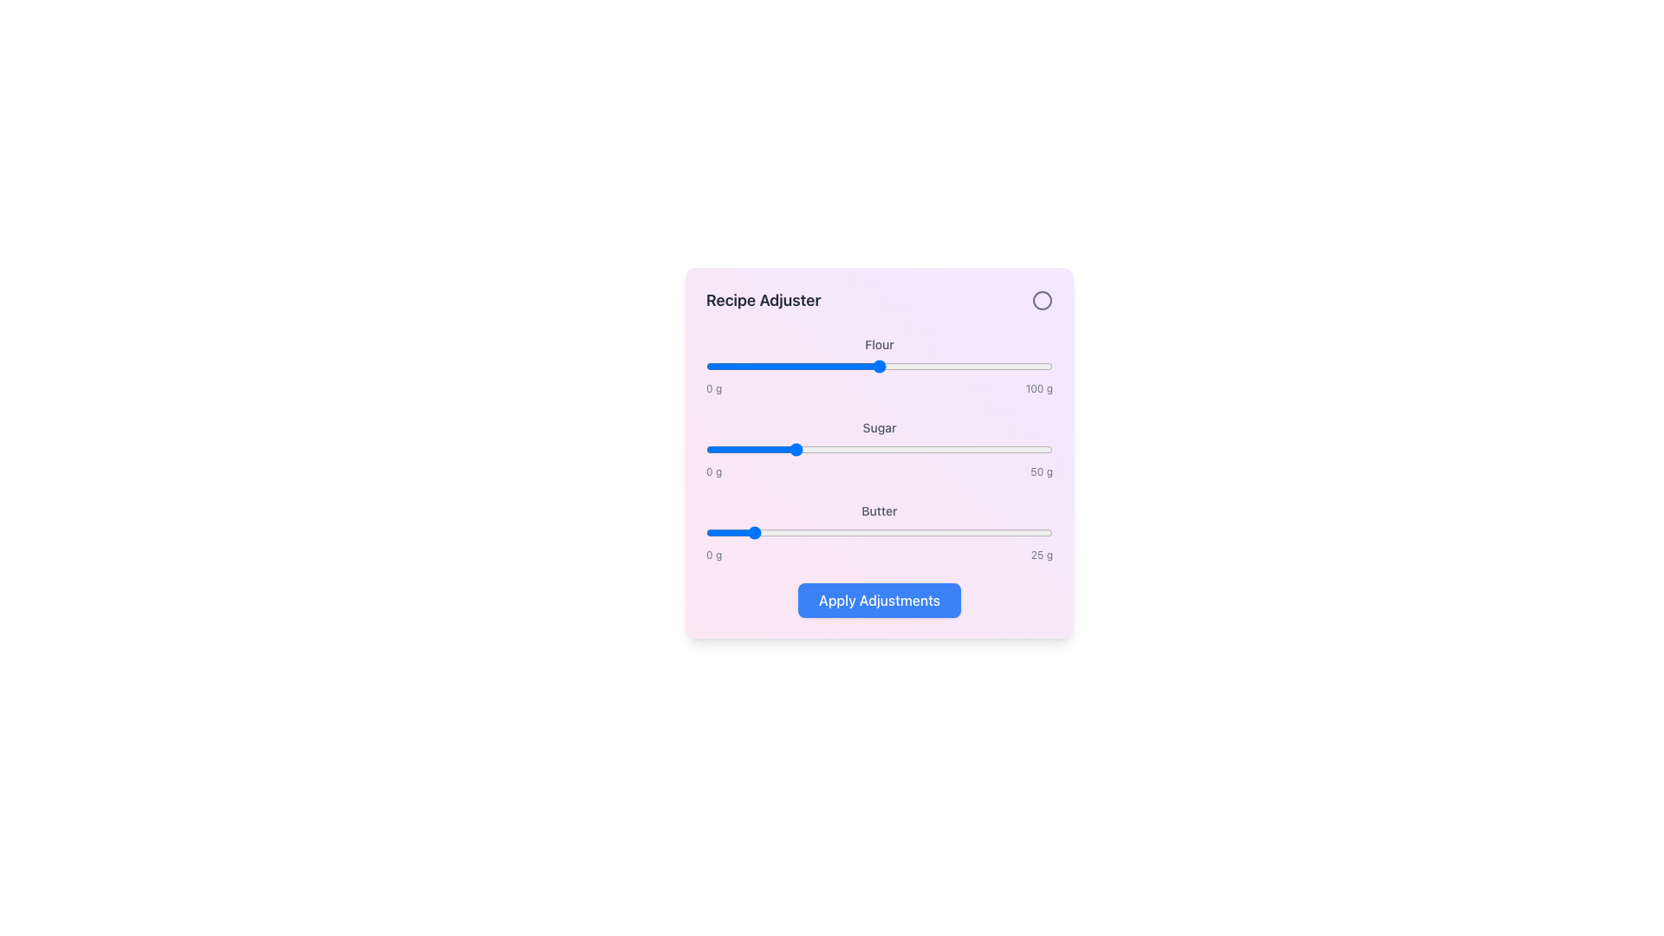  What do you see at coordinates (849, 366) in the screenshot?
I see `the slider value` at bounding box center [849, 366].